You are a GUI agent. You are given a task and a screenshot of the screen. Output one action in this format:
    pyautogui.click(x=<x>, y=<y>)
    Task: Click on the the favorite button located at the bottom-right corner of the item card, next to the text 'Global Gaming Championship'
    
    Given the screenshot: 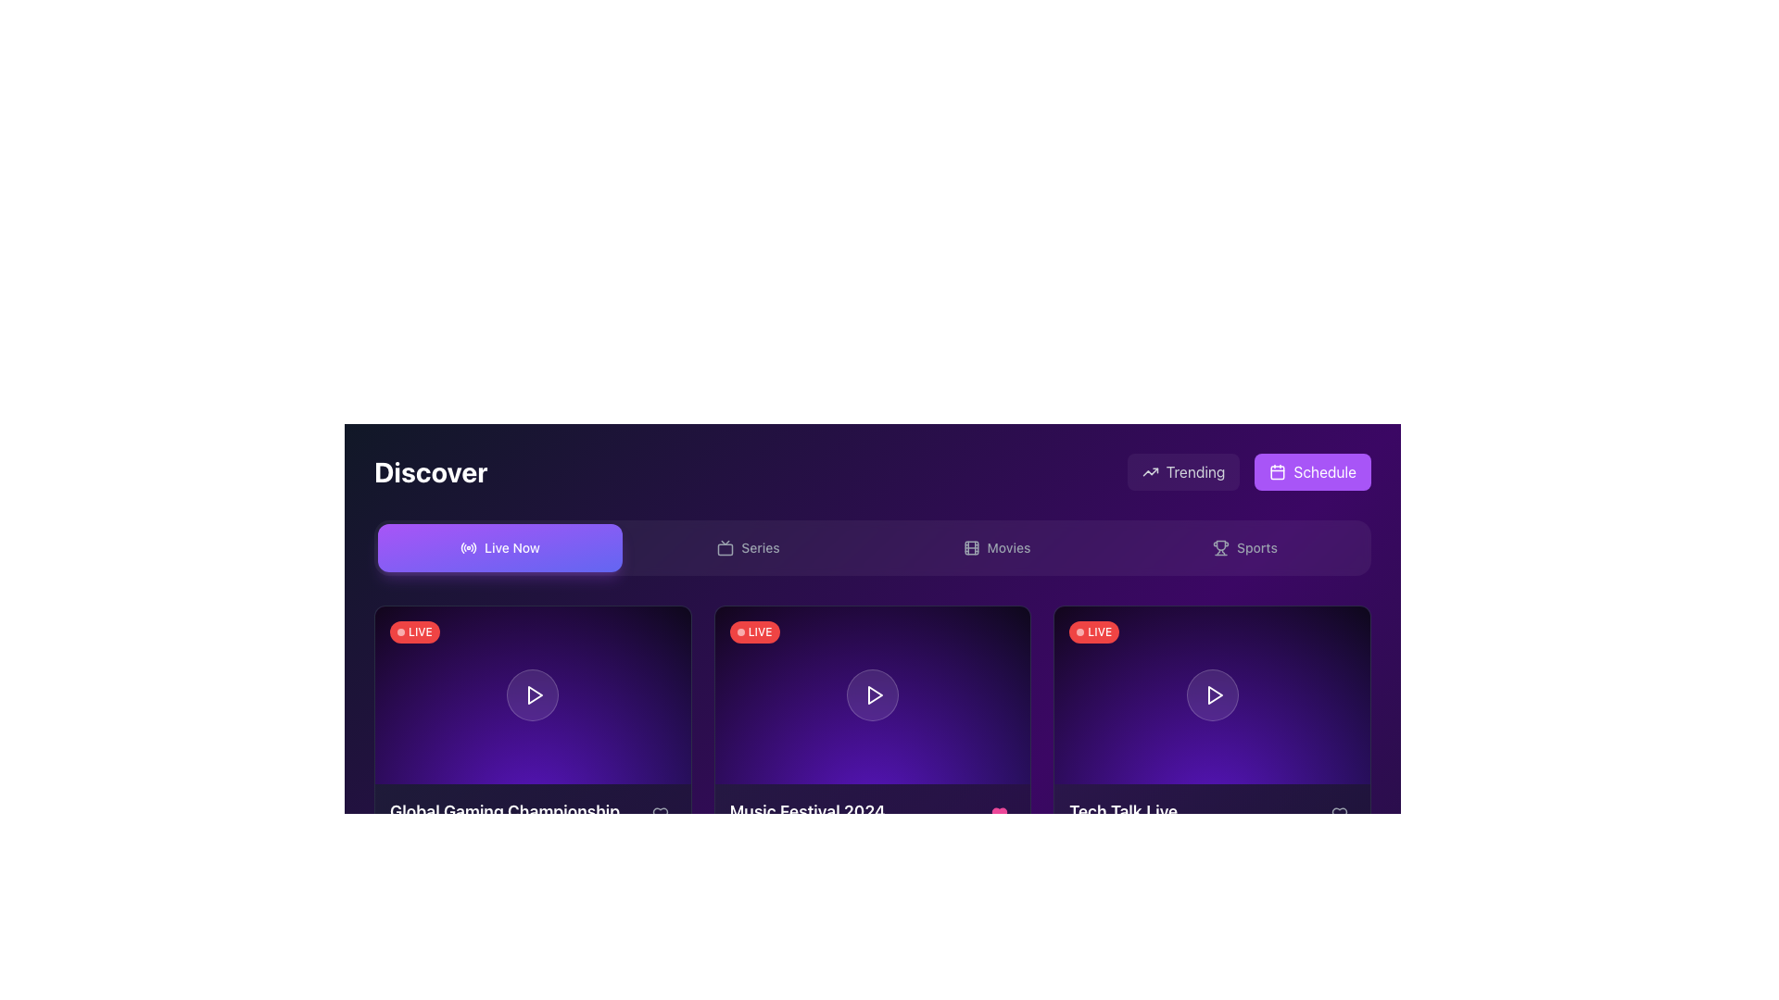 What is the action you would take?
    pyautogui.click(x=660, y=813)
    